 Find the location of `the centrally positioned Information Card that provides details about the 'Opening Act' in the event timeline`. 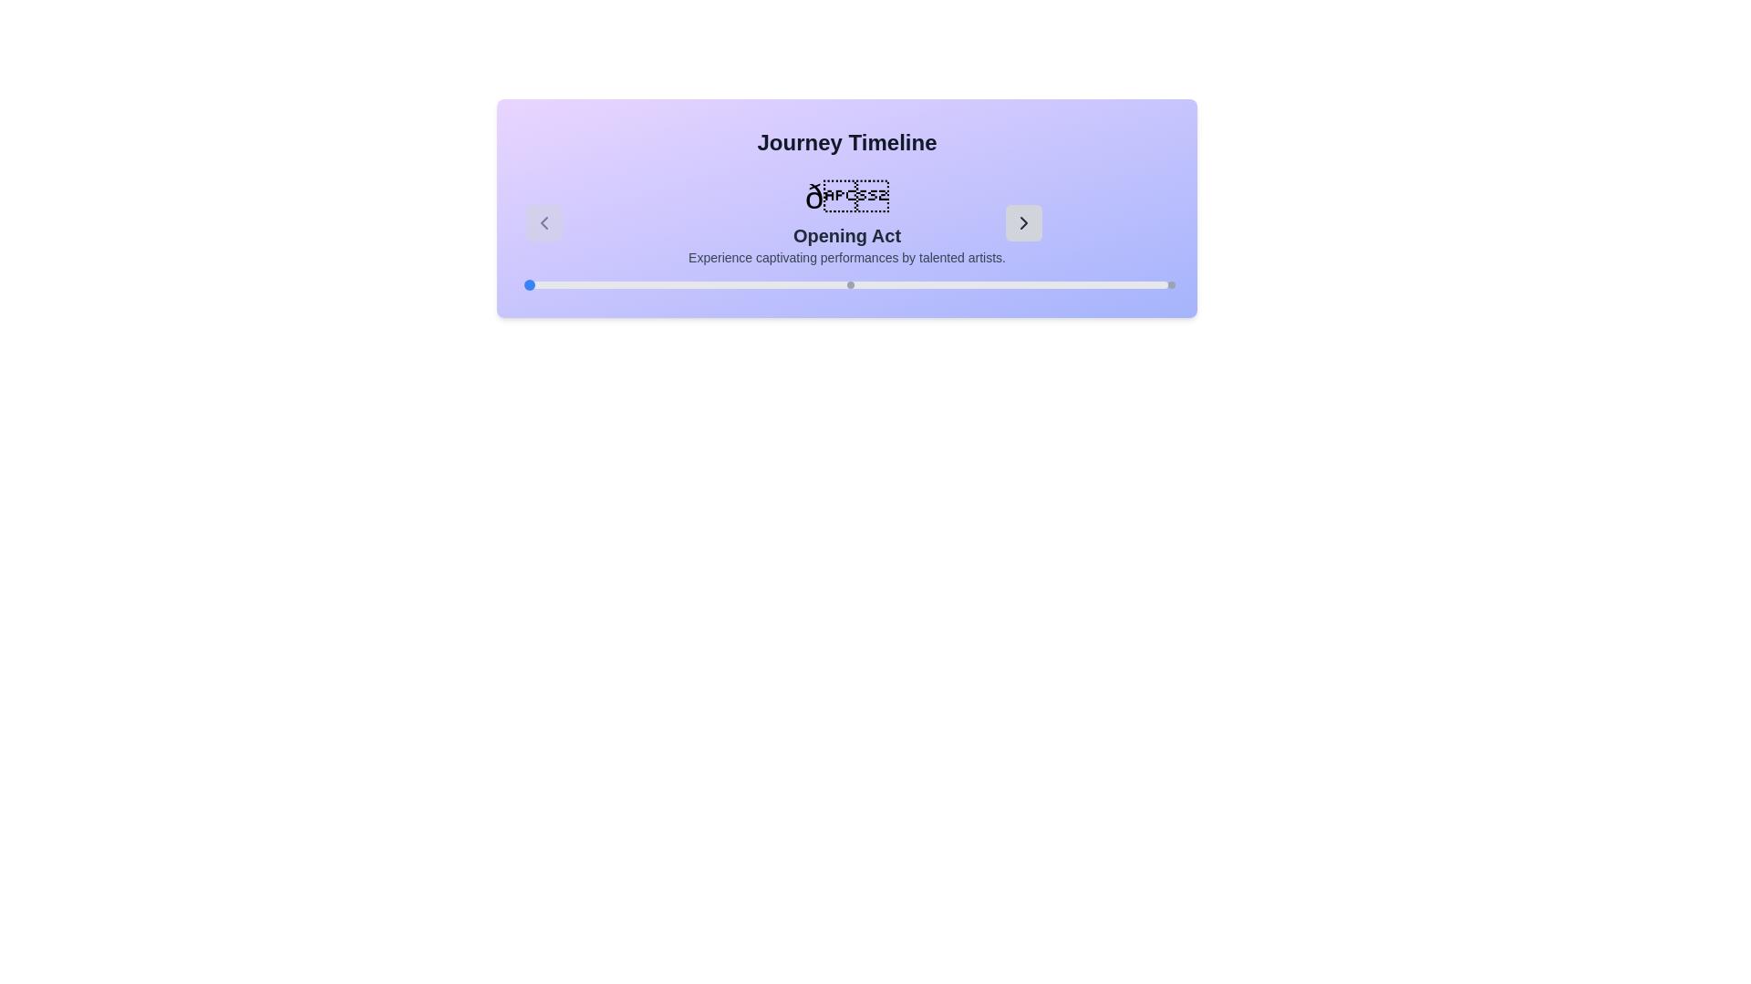

the centrally positioned Information Card that provides details about the 'Opening Act' in the event timeline is located at coordinates (846, 222).